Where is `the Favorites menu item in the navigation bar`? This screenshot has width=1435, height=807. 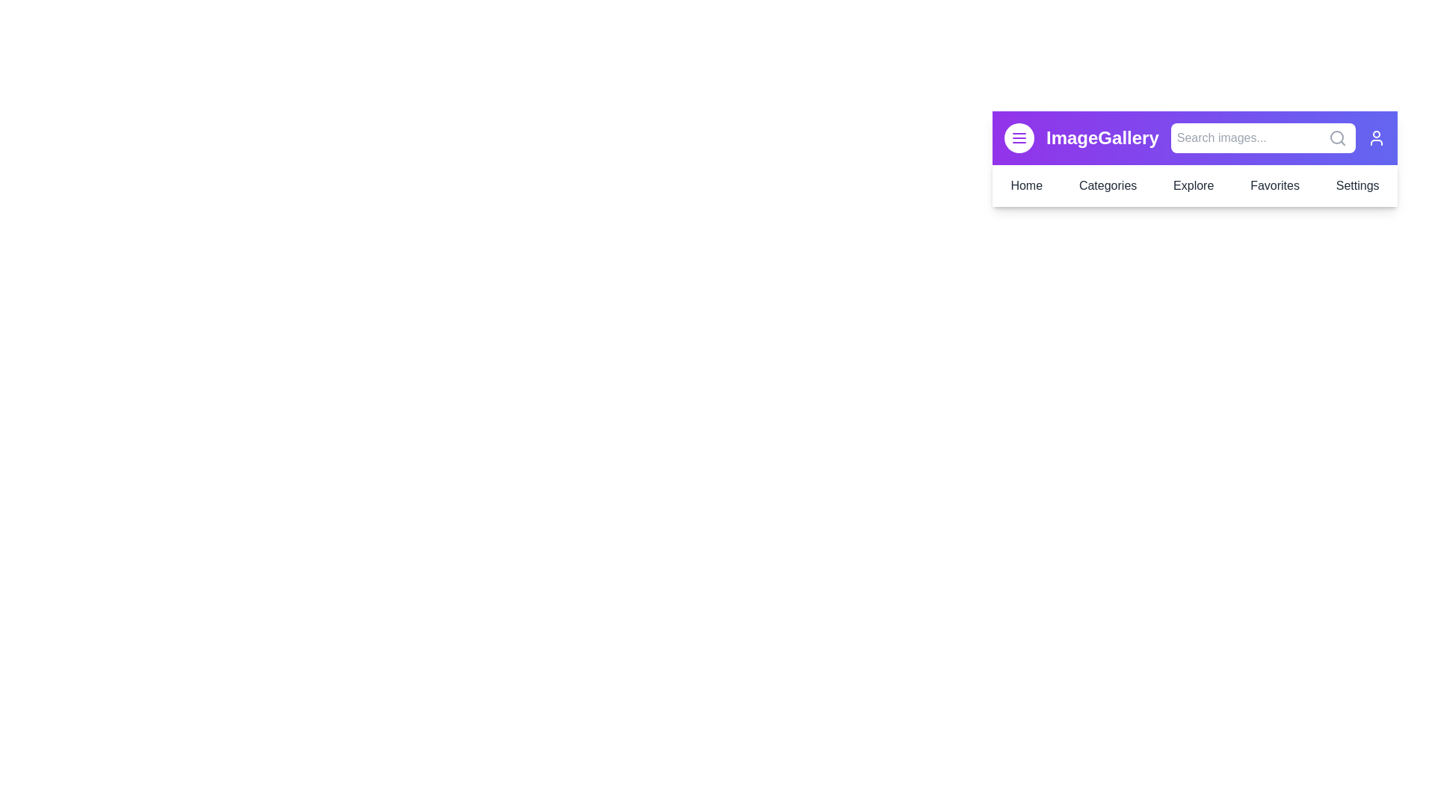 the Favorites menu item in the navigation bar is located at coordinates (1274, 185).